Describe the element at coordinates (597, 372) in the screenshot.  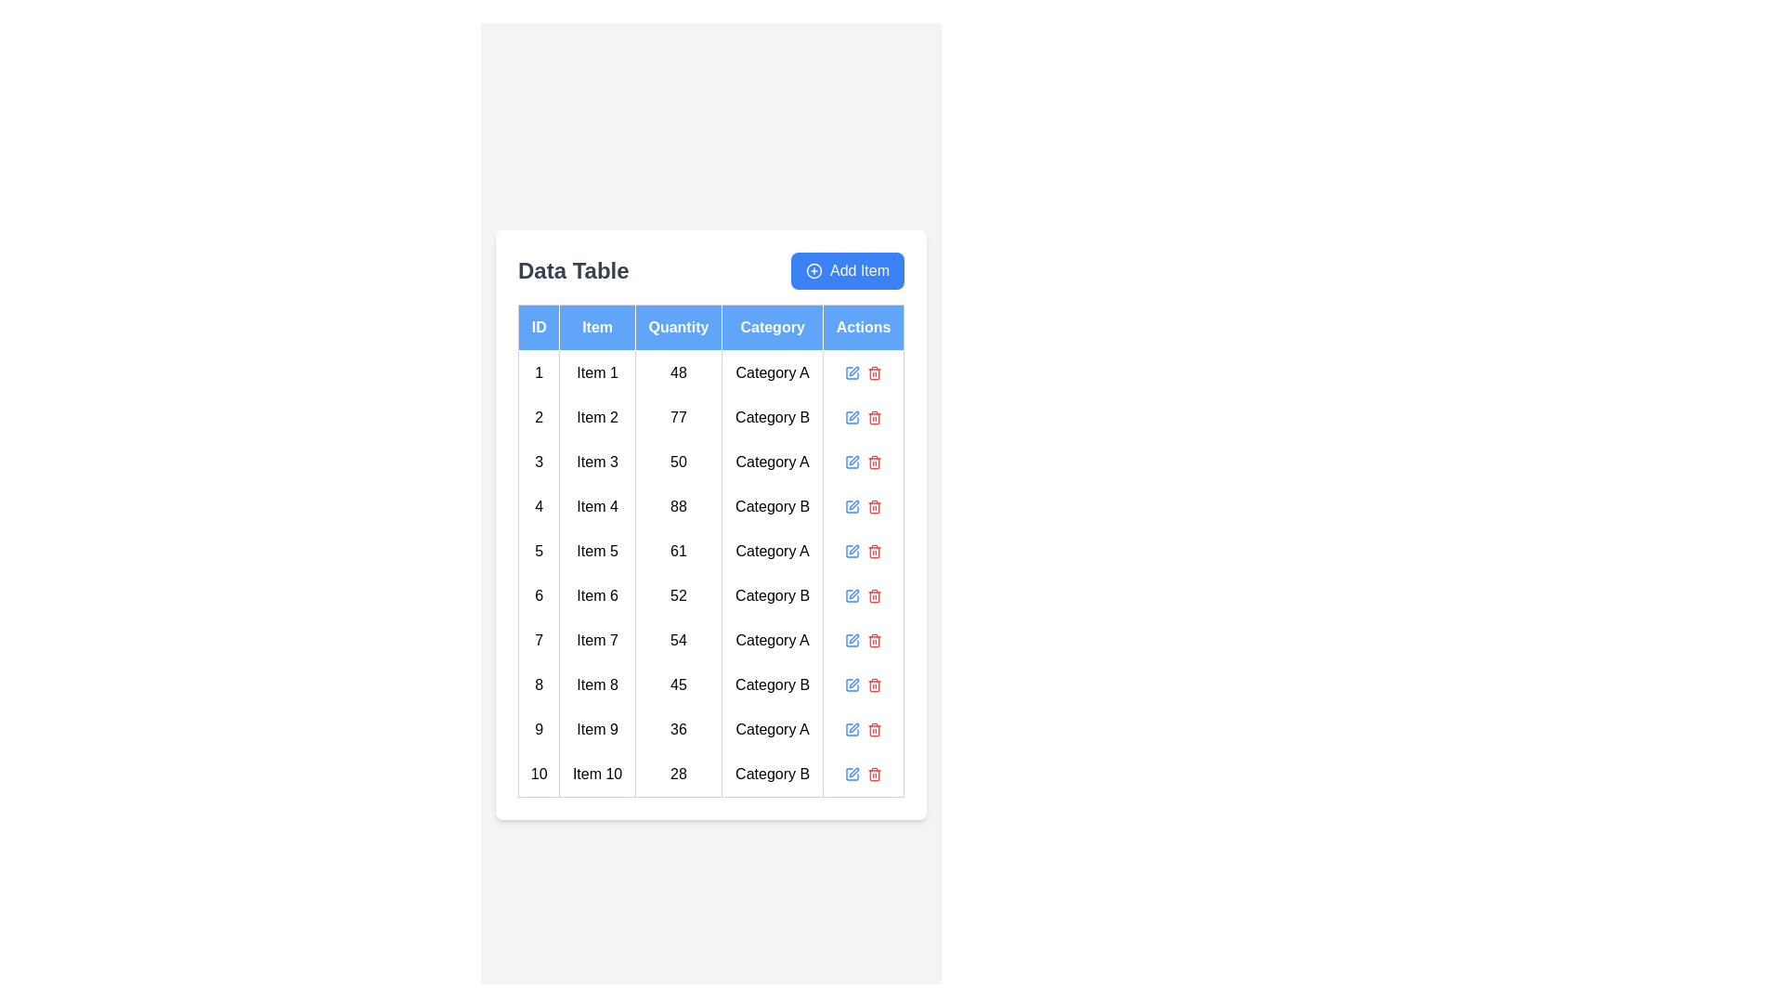
I see `the non-interactive text label in the second cell of the first row of the data table, which displays the name or description of an item` at that location.